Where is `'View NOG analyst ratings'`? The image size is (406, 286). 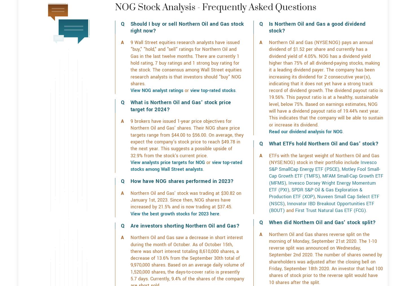 'View NOG analyst ratings' is located at coordinates (156, 110).